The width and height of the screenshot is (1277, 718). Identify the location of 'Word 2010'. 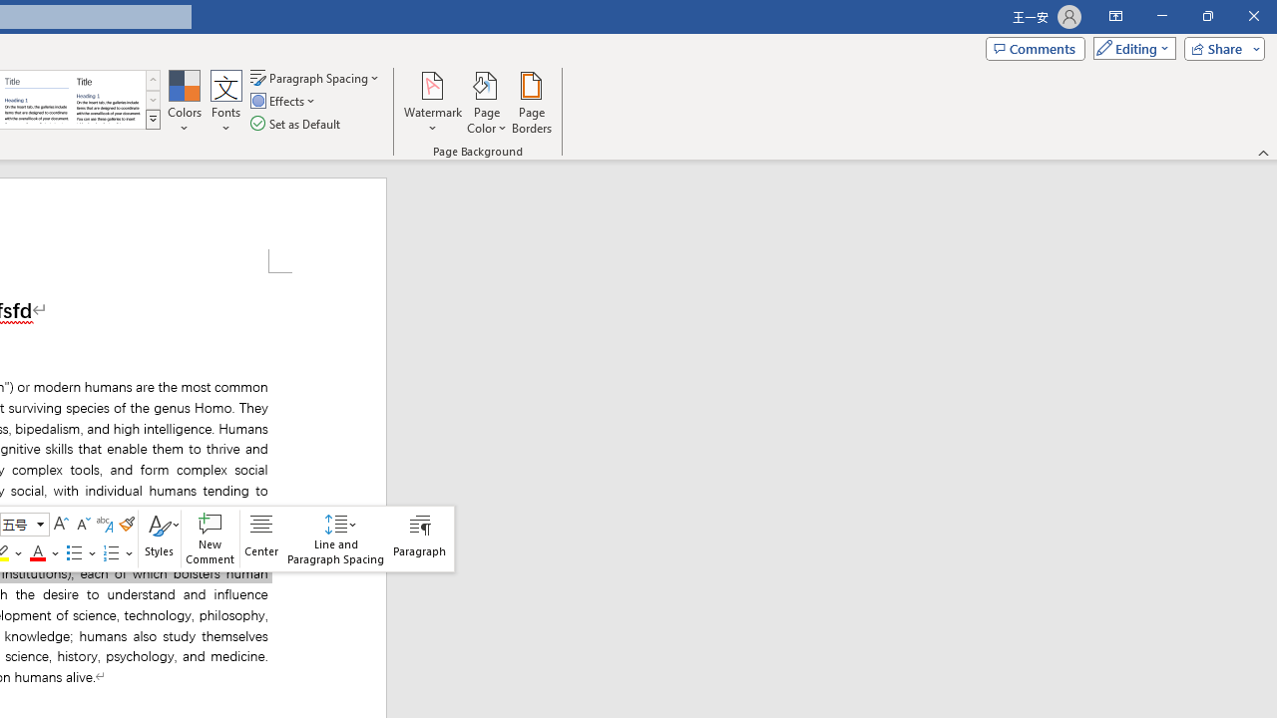
(37, 100).